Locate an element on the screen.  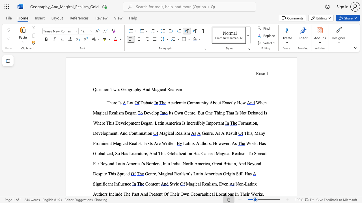
the subset text "al" within the text "Magical Realism" is located at coordinates (180, 133).